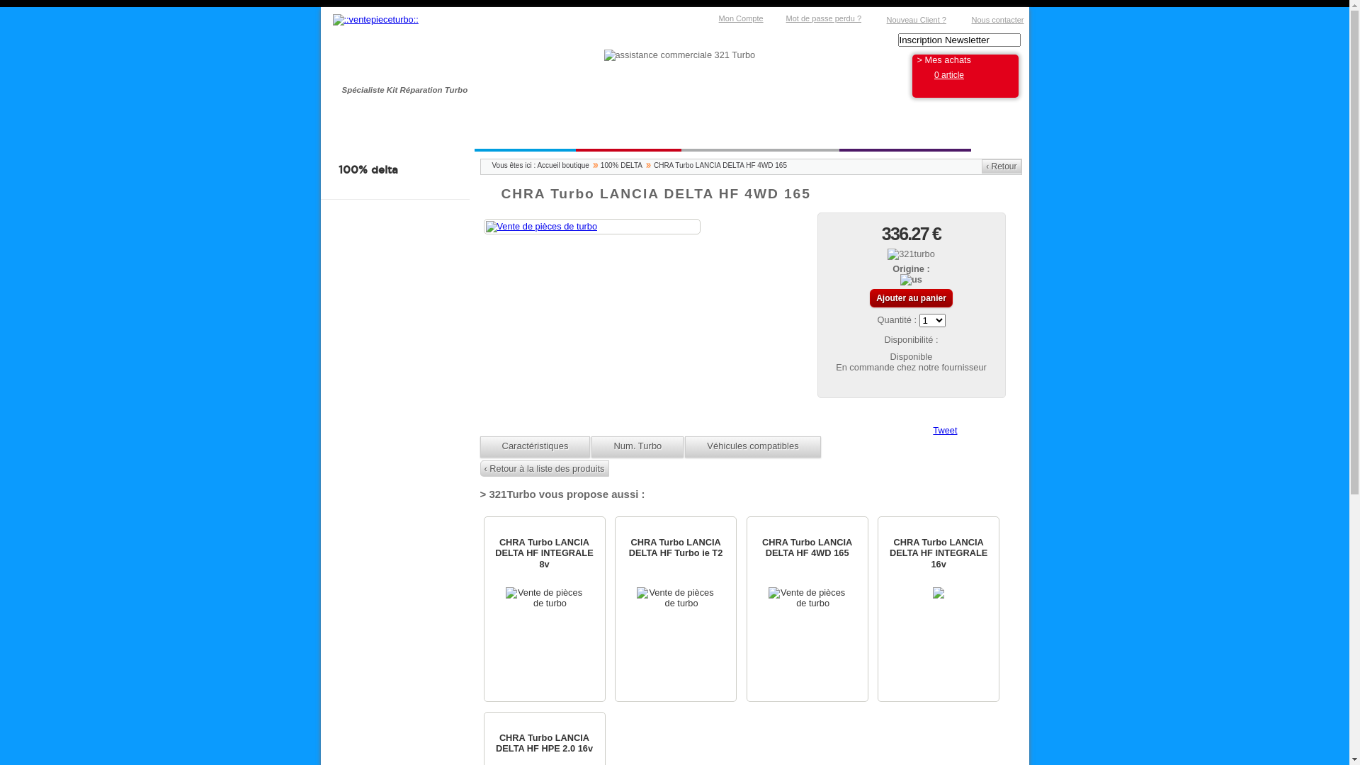 The image size is (1360, 765). Describe the element at coordinates (735, 14) in the screenshot. I see `'Mon Compte'` at that location.